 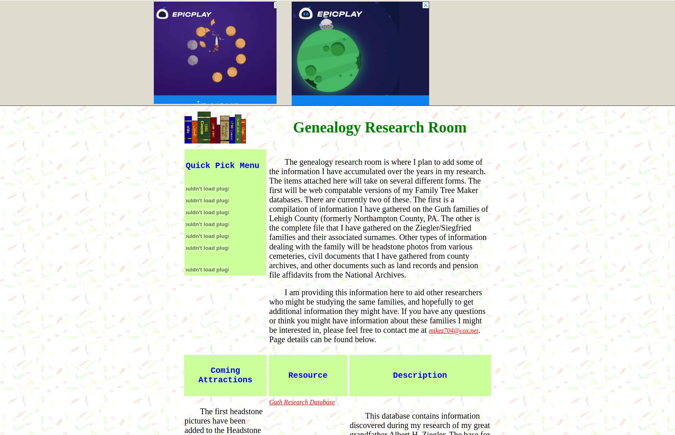 I want to click on 'Coming Attractions', so click(x=225, y=375).